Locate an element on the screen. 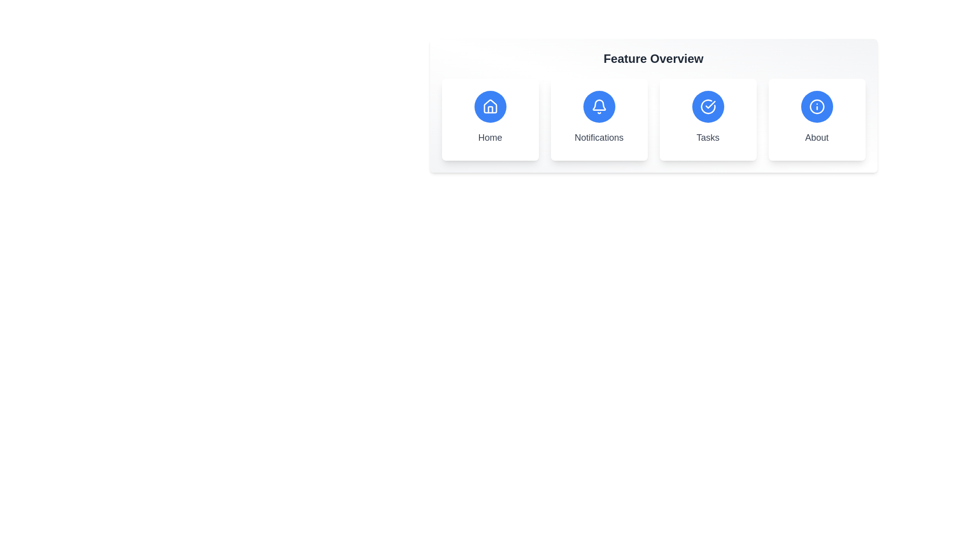  the checkmark icon within the blue circular background labeled 'Tasks' located under the 'Feature Overview' title is located at coordinates (710, 104).